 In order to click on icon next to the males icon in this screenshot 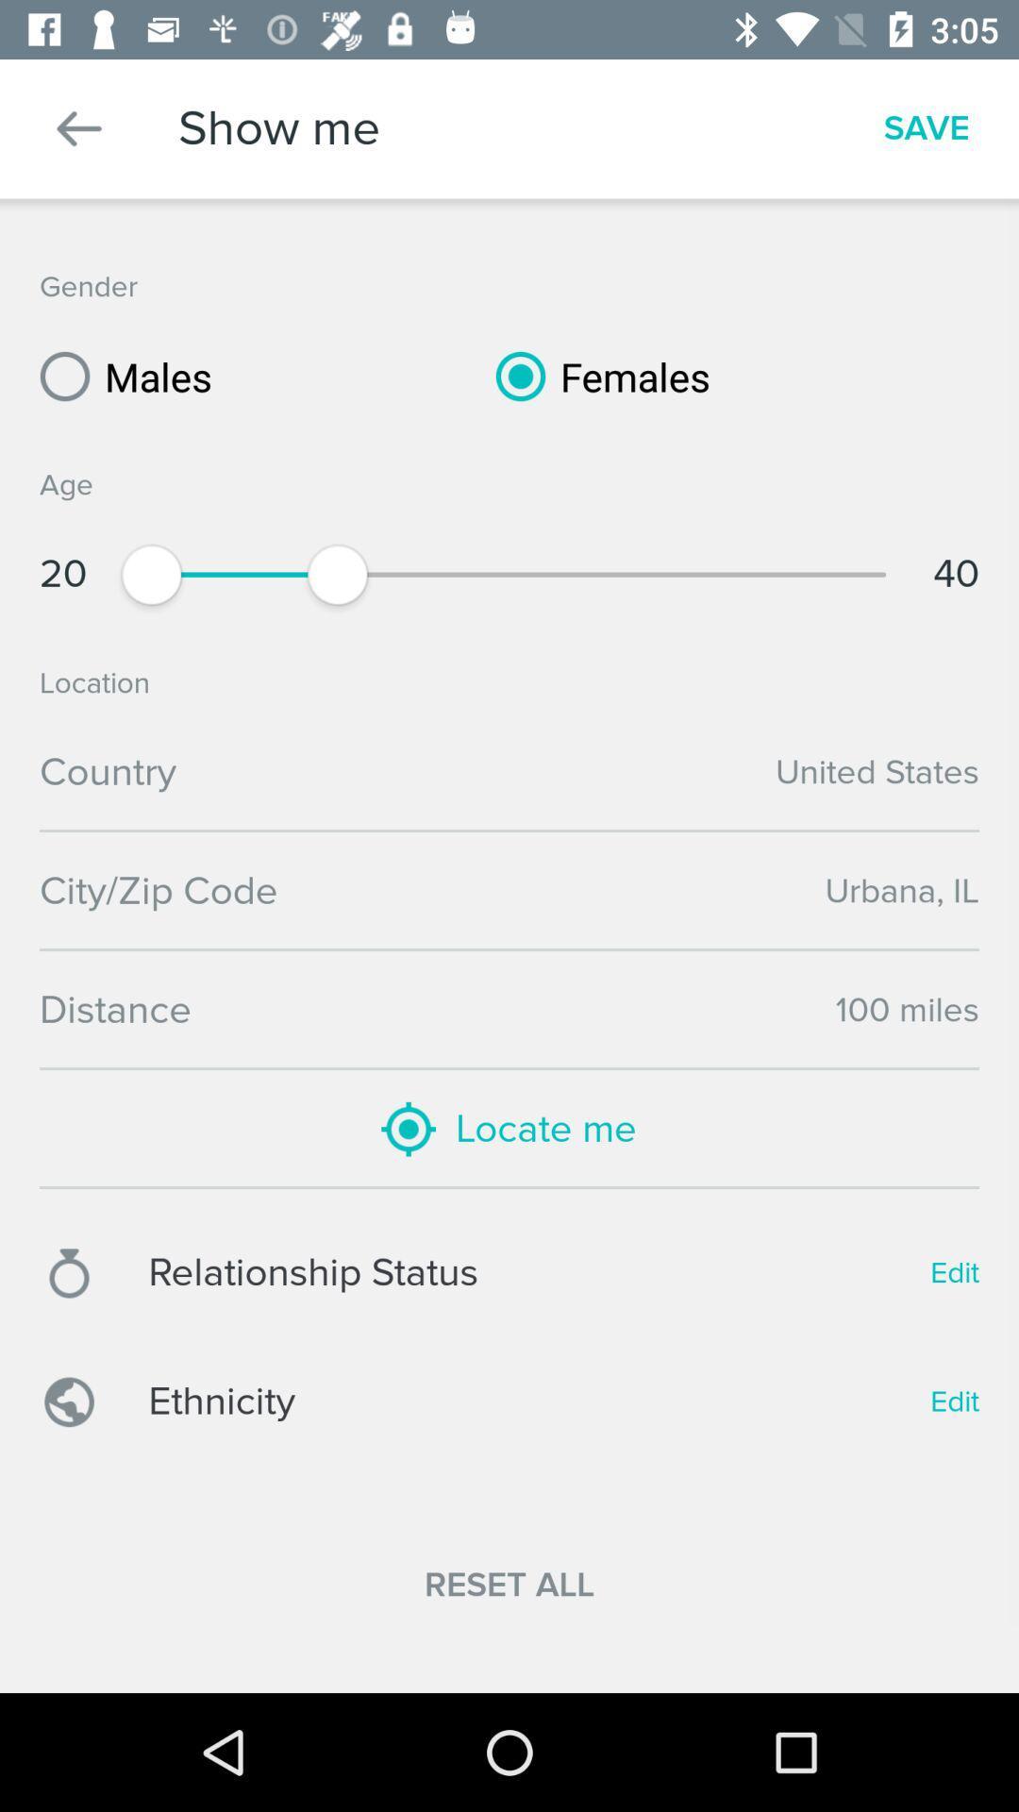, I will do `click(595, 376)`.